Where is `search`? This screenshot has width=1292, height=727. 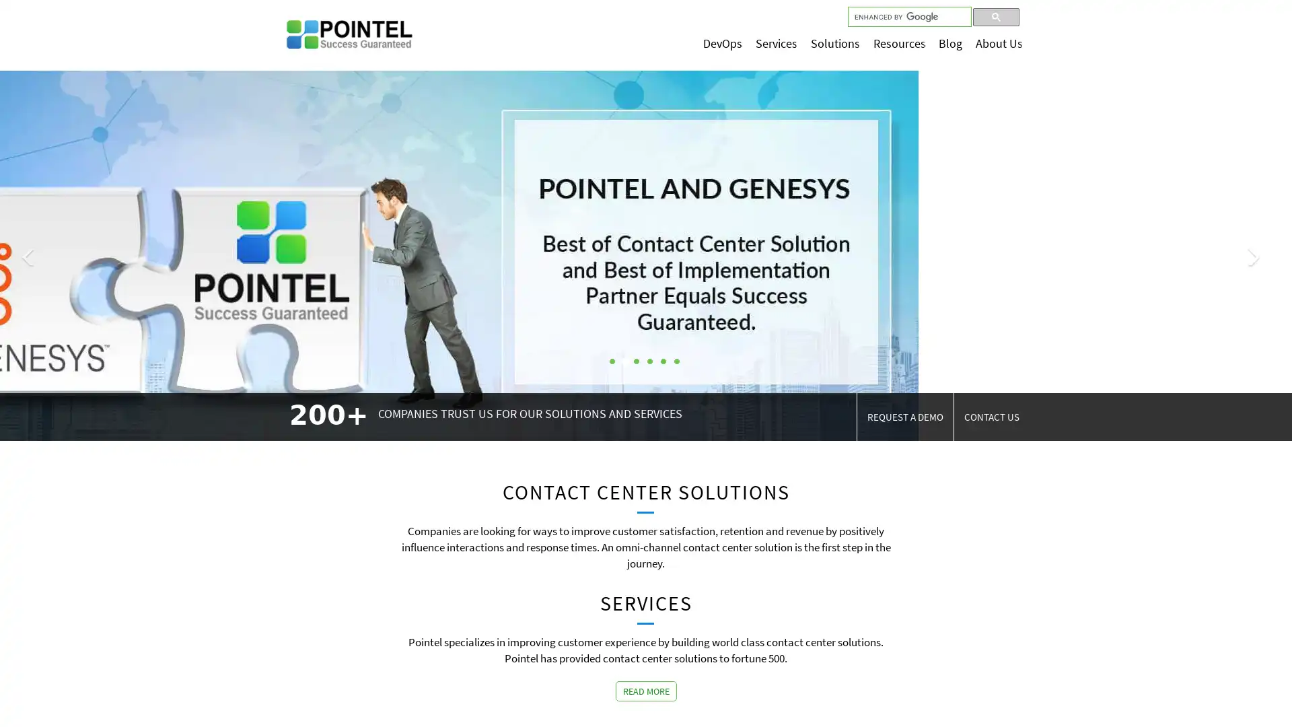 search is located at coordinates (996, 16).